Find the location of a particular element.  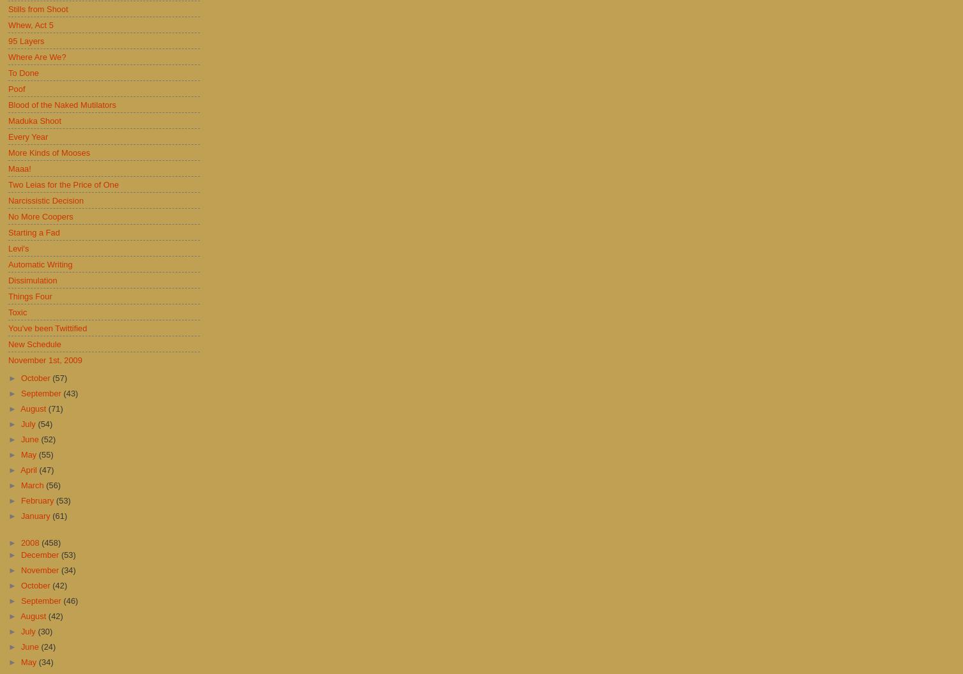

'Blood of the Naked Mutilators' is located at coordinates (61, 104).